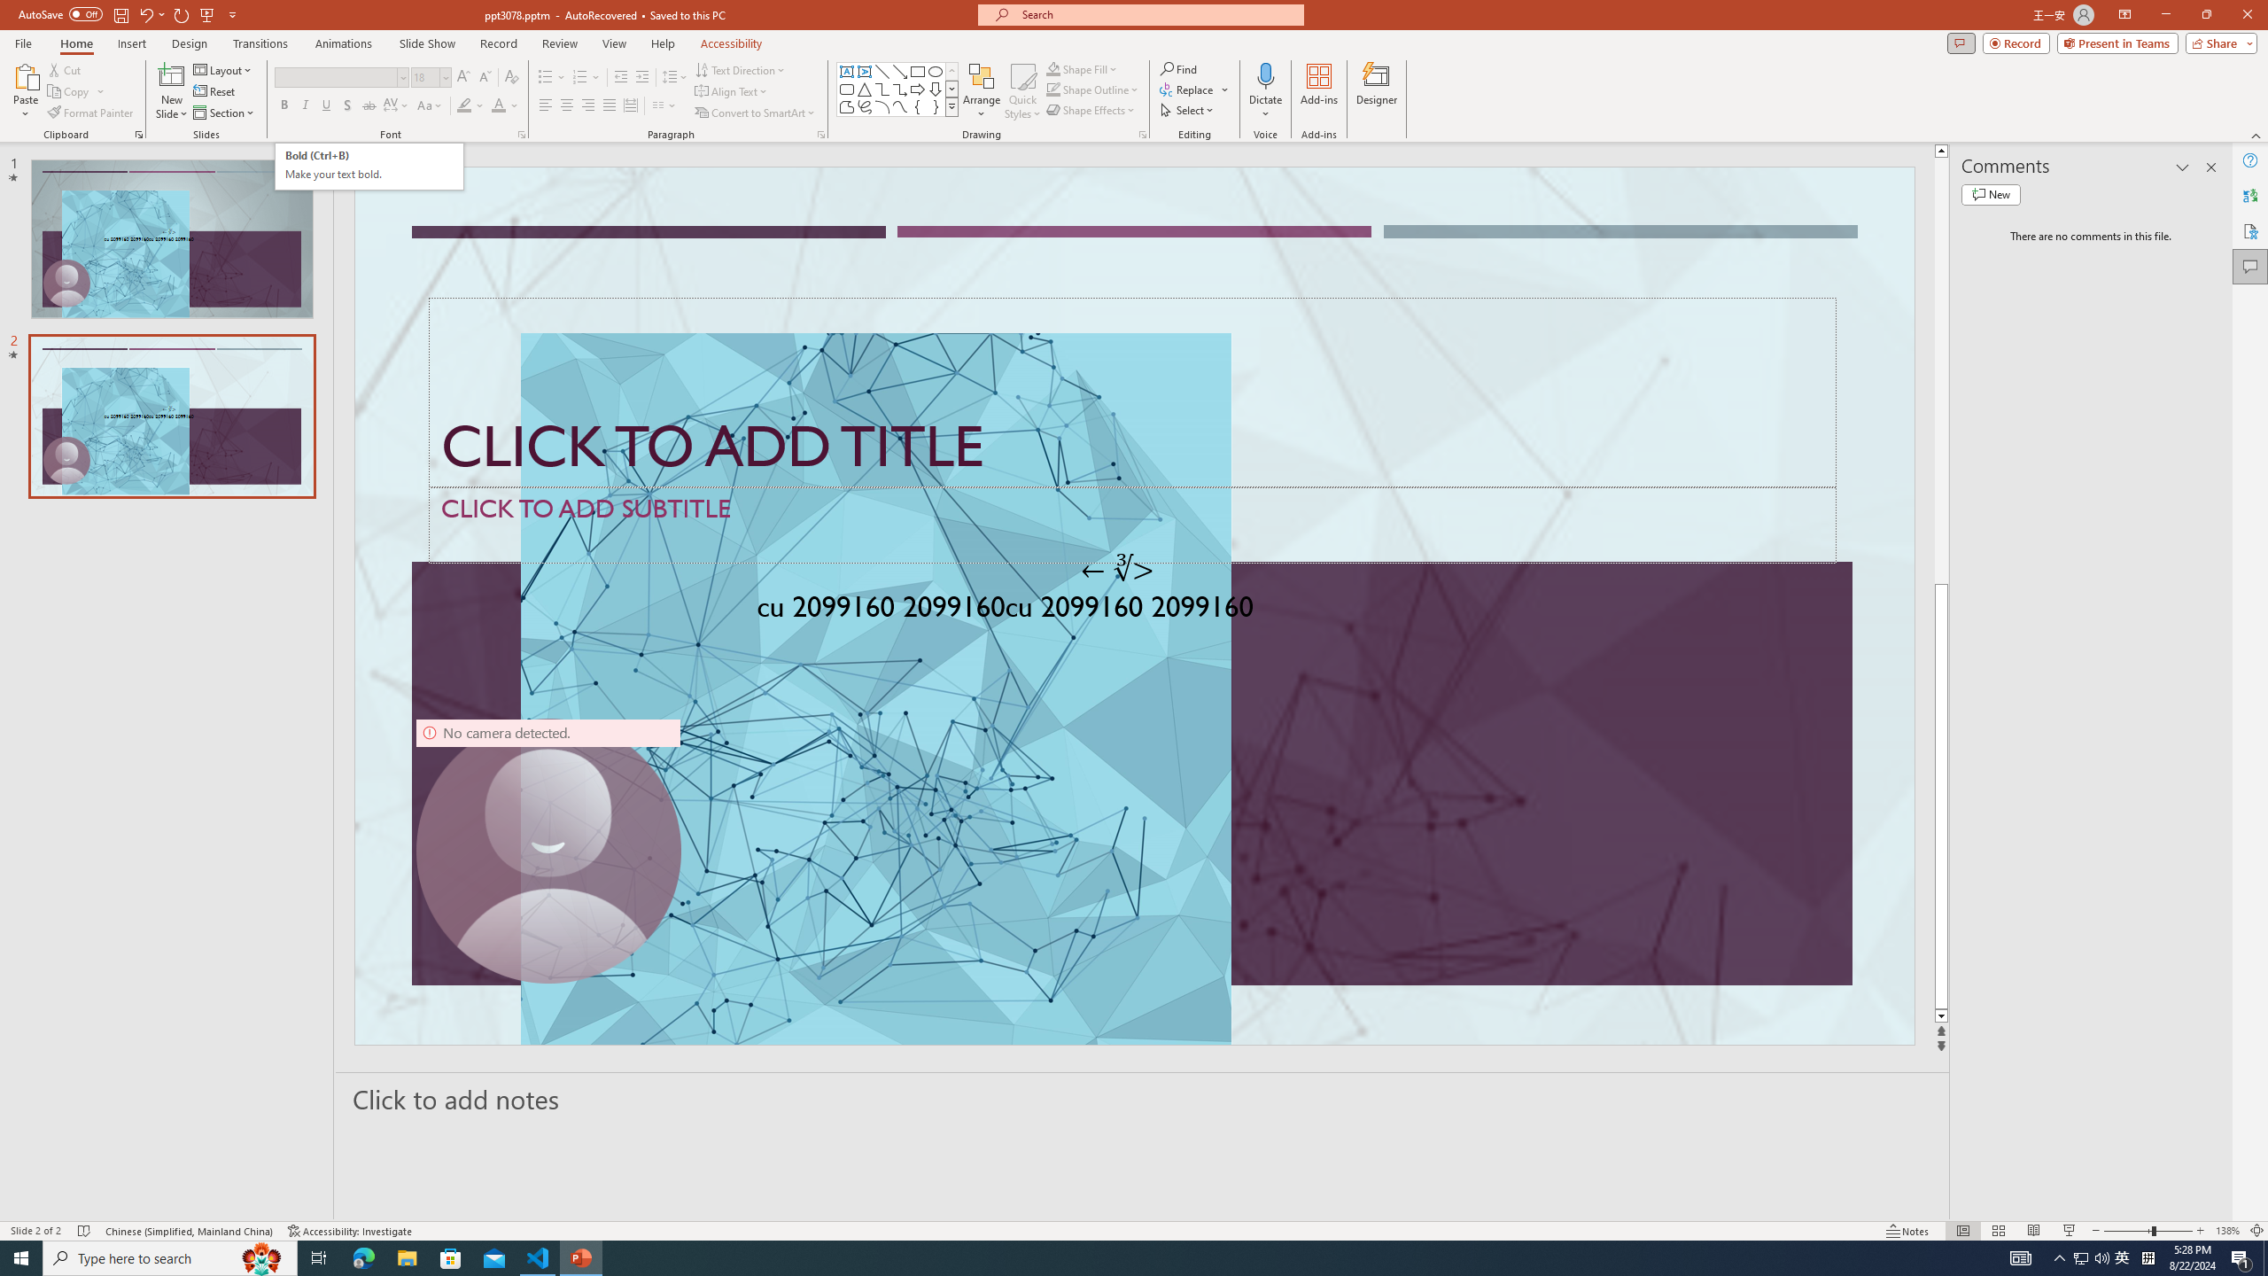 The height and width of the screenshot is (1276, 2268). Describe the element at coordinates (171, 74) in the screenshot. I see `'New Slide'` at that location.